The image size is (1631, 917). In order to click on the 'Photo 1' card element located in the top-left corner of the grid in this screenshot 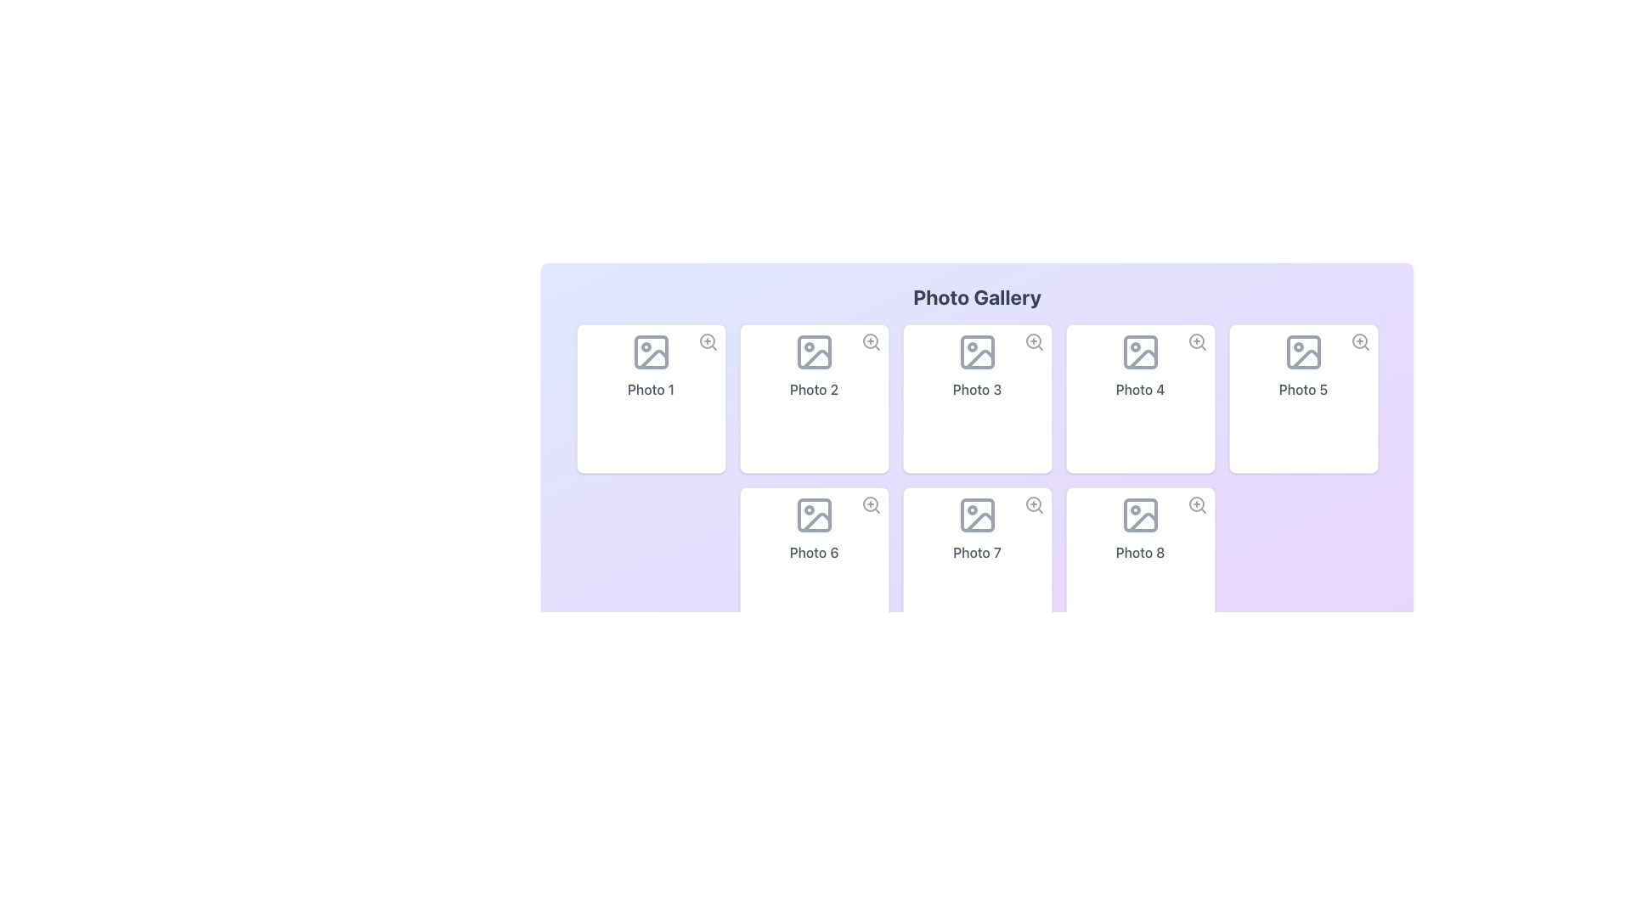, I will do `click(650, 399)`.